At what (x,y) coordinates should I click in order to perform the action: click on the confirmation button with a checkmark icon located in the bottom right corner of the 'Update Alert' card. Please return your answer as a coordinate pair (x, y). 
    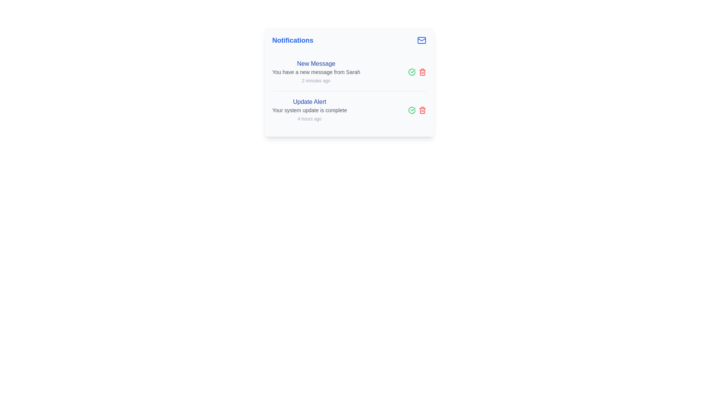
    Looking at the image, I should click on (416, 110).